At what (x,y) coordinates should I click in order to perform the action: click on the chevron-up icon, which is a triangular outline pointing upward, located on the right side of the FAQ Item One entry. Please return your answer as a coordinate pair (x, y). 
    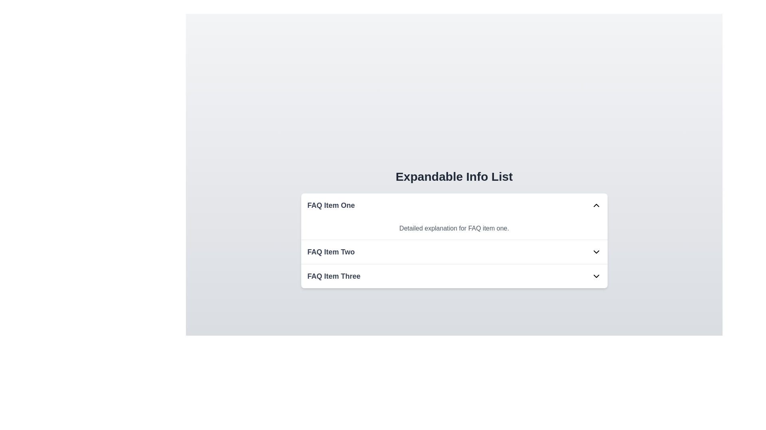
    Looking at the image, I should click on (596, 205).